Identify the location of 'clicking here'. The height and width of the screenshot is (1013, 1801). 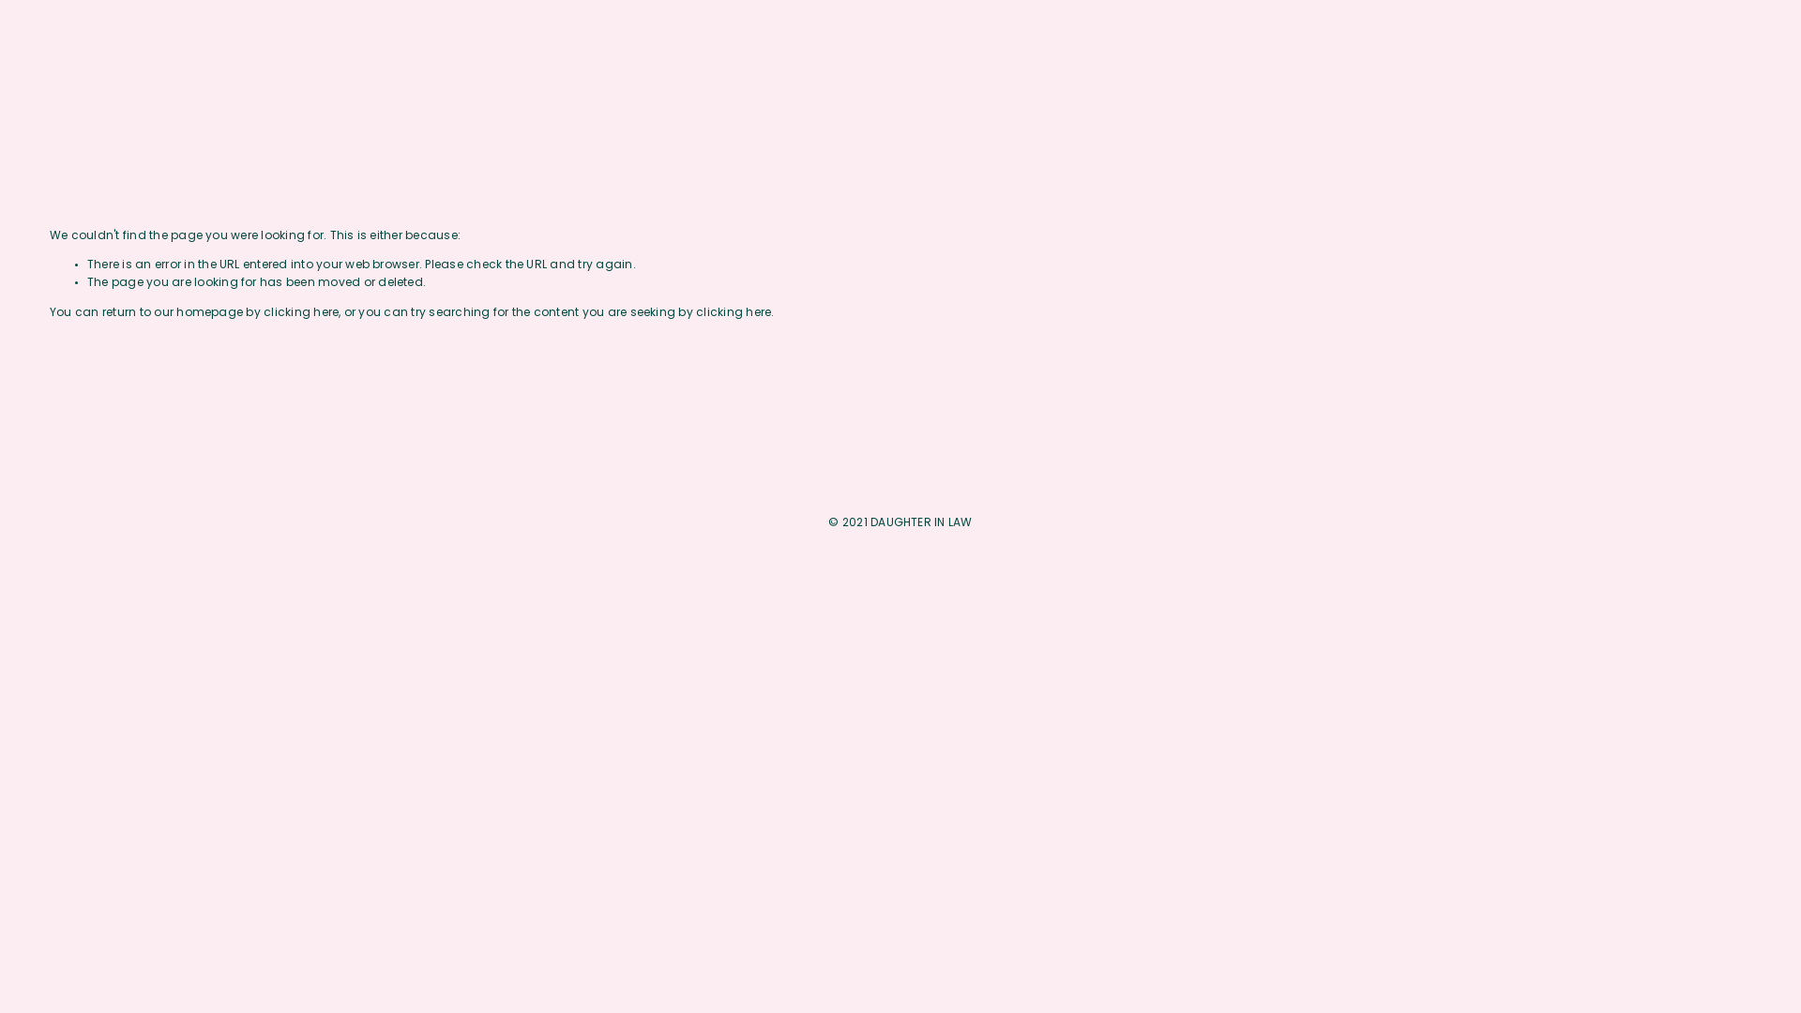
(695, 312).